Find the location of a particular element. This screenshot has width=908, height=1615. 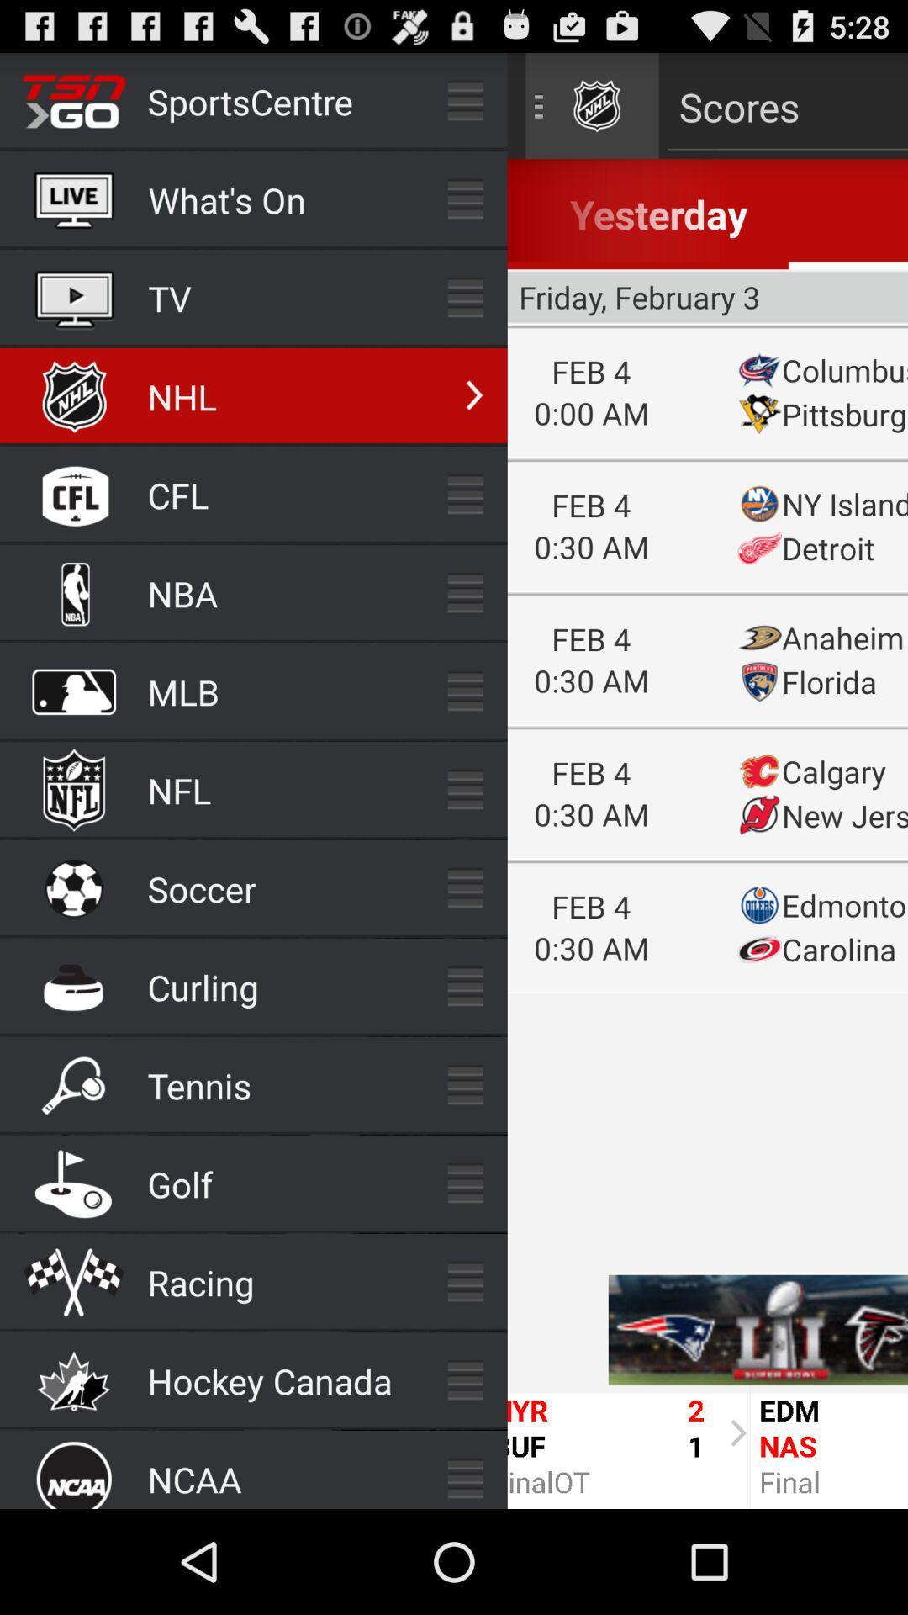

scores is located at coordinates (707, 780).